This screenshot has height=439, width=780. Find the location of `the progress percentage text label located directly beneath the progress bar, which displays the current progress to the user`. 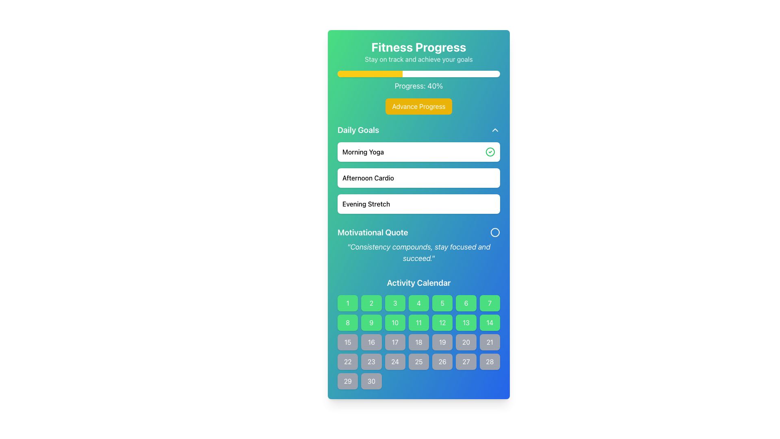

the progress percentage text label located directly beneath the progress bar, which displays the current progress to the user is located at coordinates (419, 86).